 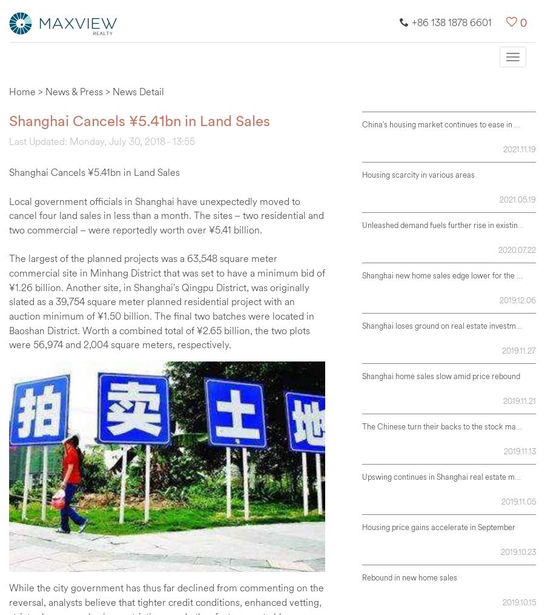 What do you see at coordinates (498, 248) in the screenshot?
I see `'2020.07.22'` at bounding box center [498, 248].